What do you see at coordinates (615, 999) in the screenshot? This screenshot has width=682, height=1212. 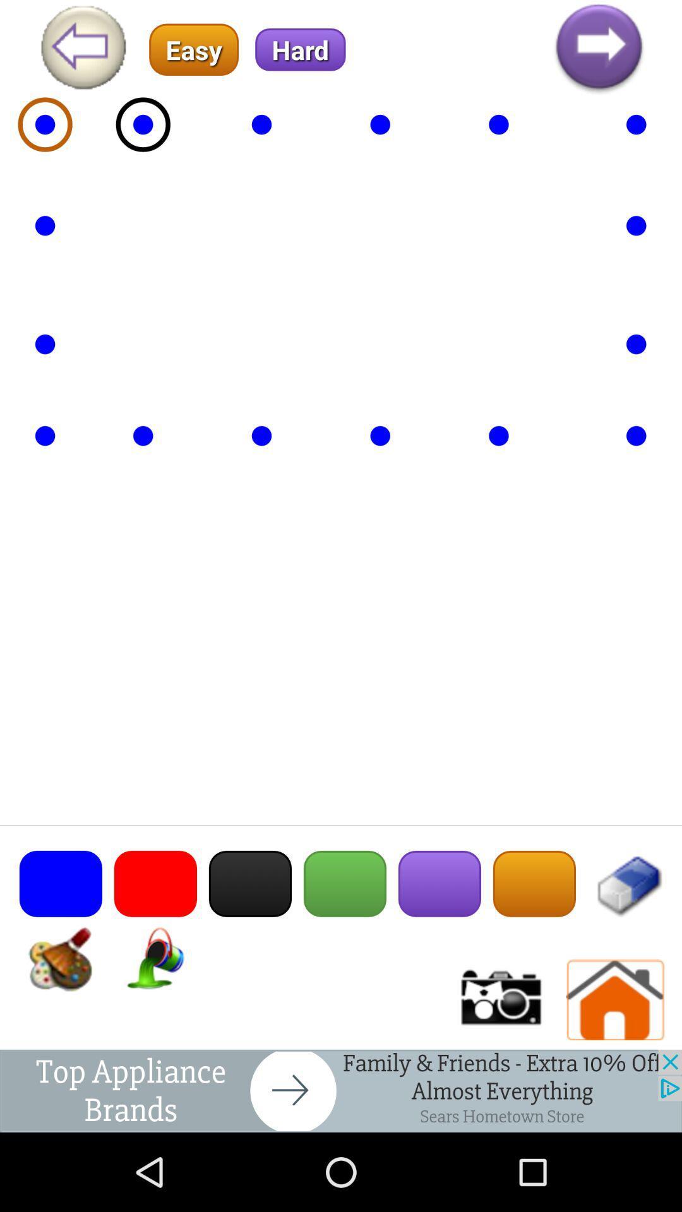 I see `homepage` at bounding box center [615, 999].